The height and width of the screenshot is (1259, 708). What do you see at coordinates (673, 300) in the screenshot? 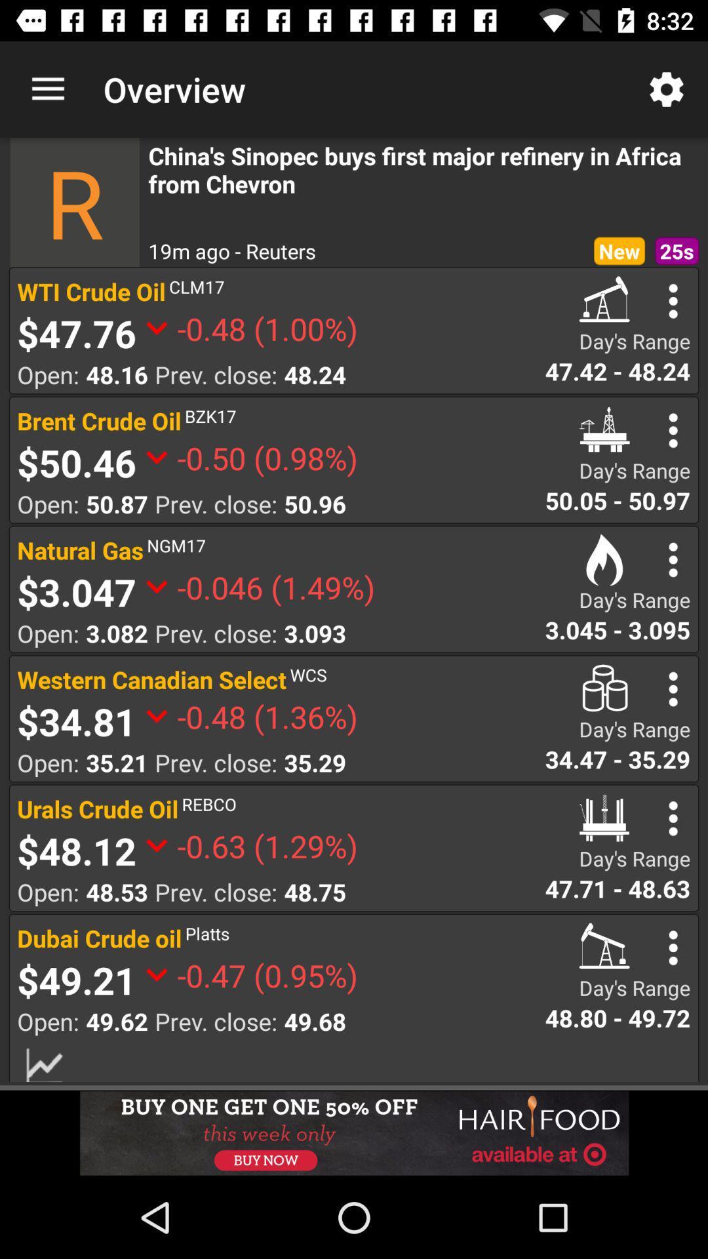
I see `setting bar option` at bounding box center [673, 300].